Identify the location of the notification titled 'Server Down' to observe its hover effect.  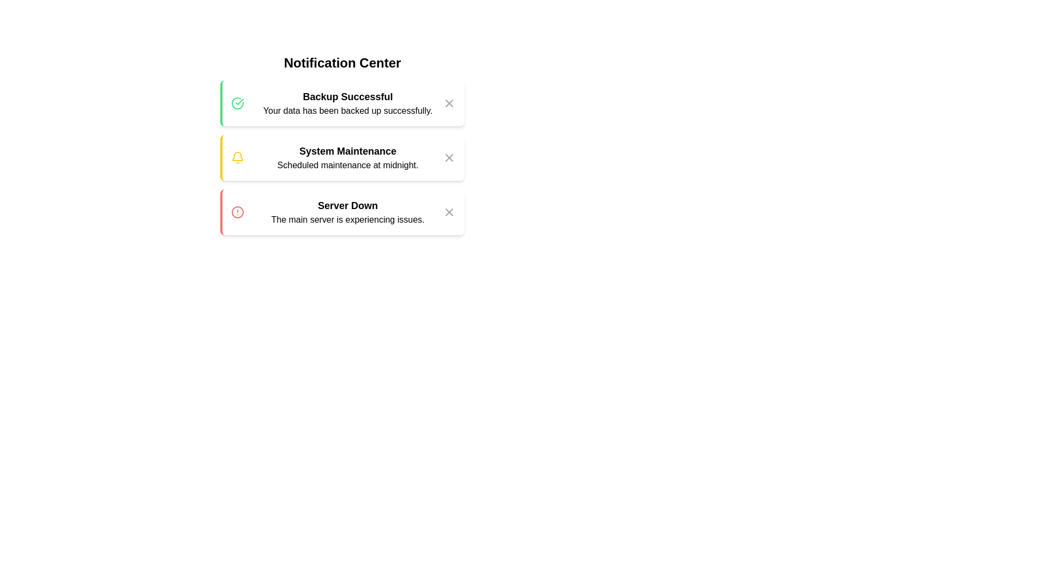
(342, 212).